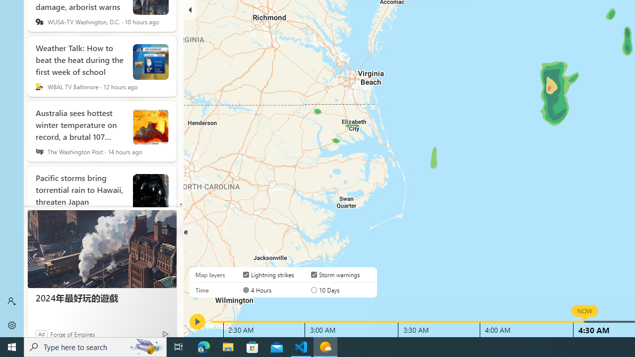  Describe the element at coordinates (12, 346) in the screenshot. I see `'Start'` at that location.